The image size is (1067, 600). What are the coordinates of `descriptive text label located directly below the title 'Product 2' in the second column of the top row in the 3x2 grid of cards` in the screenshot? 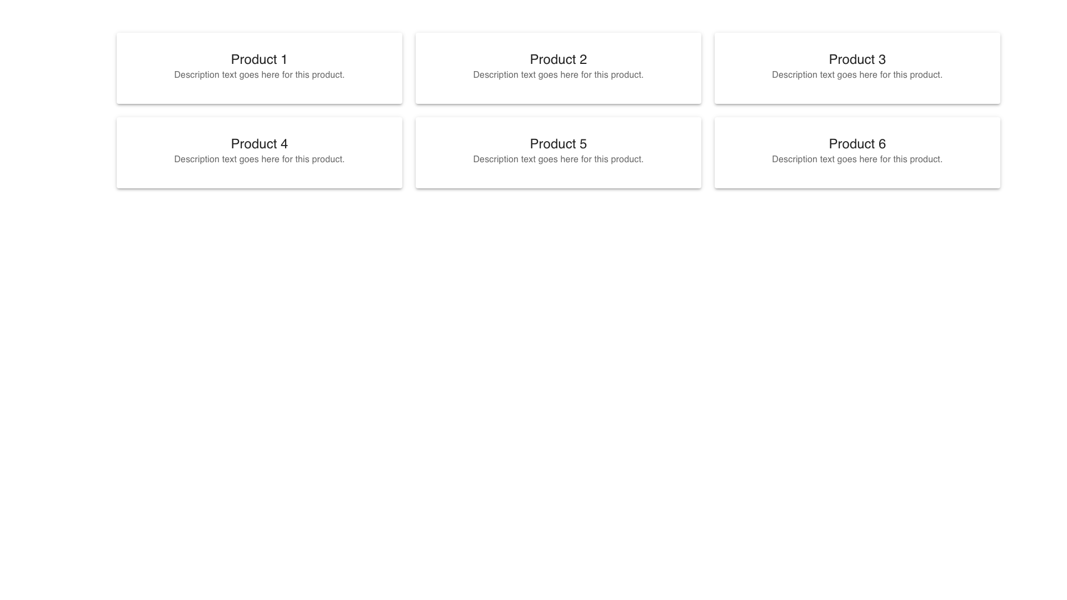 It's located at (558, 75).